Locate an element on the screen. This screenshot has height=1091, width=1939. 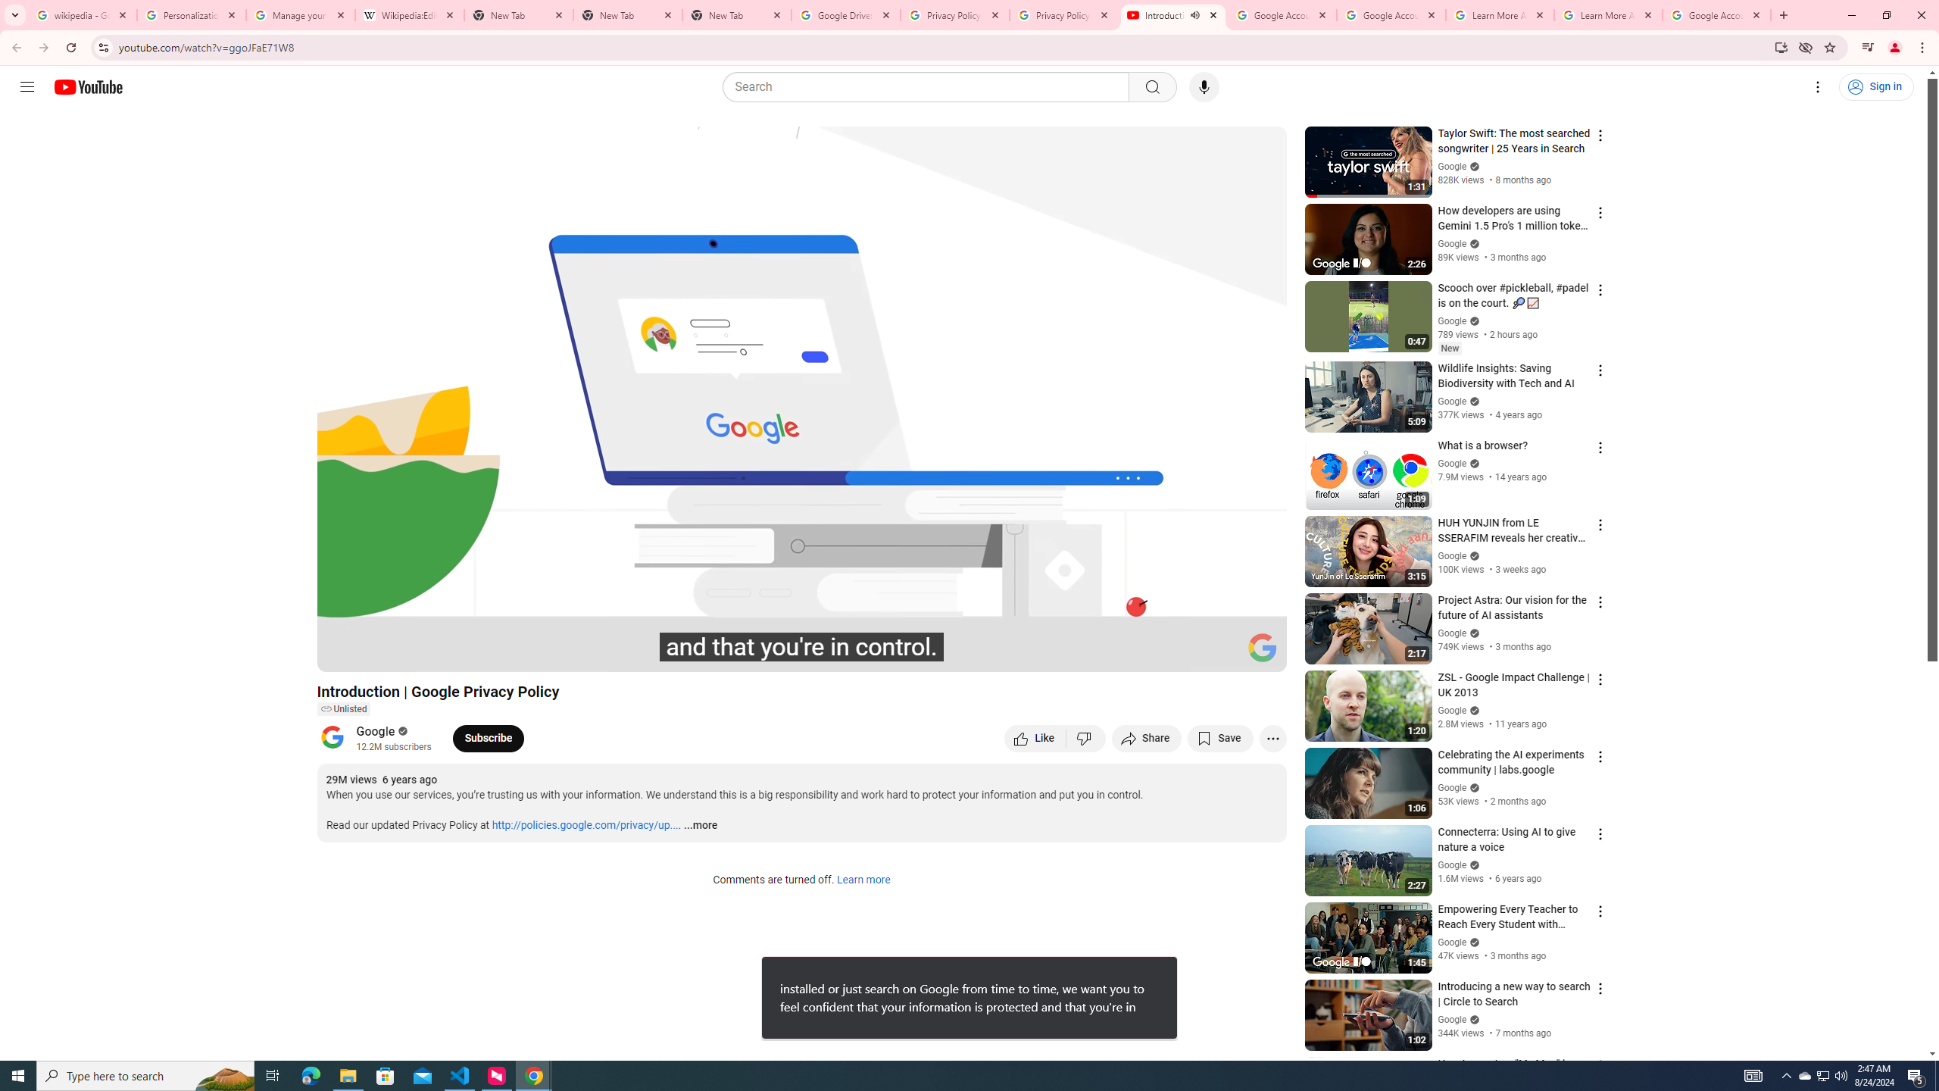
'...more' is located at coordinates (700, 825).